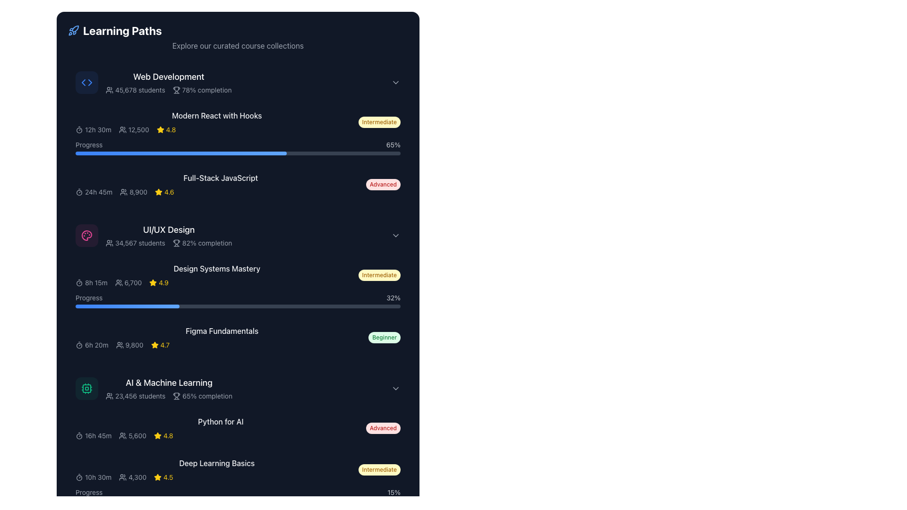  What do you see at coordinates (122, 477) in the screenshot?
I see `the small SVG icon resembling a user-group outline, which is located to the left of the numerical text '4,300' associated with the 'Deep Learning Basics' course entry` at bounding box center [122, 477].